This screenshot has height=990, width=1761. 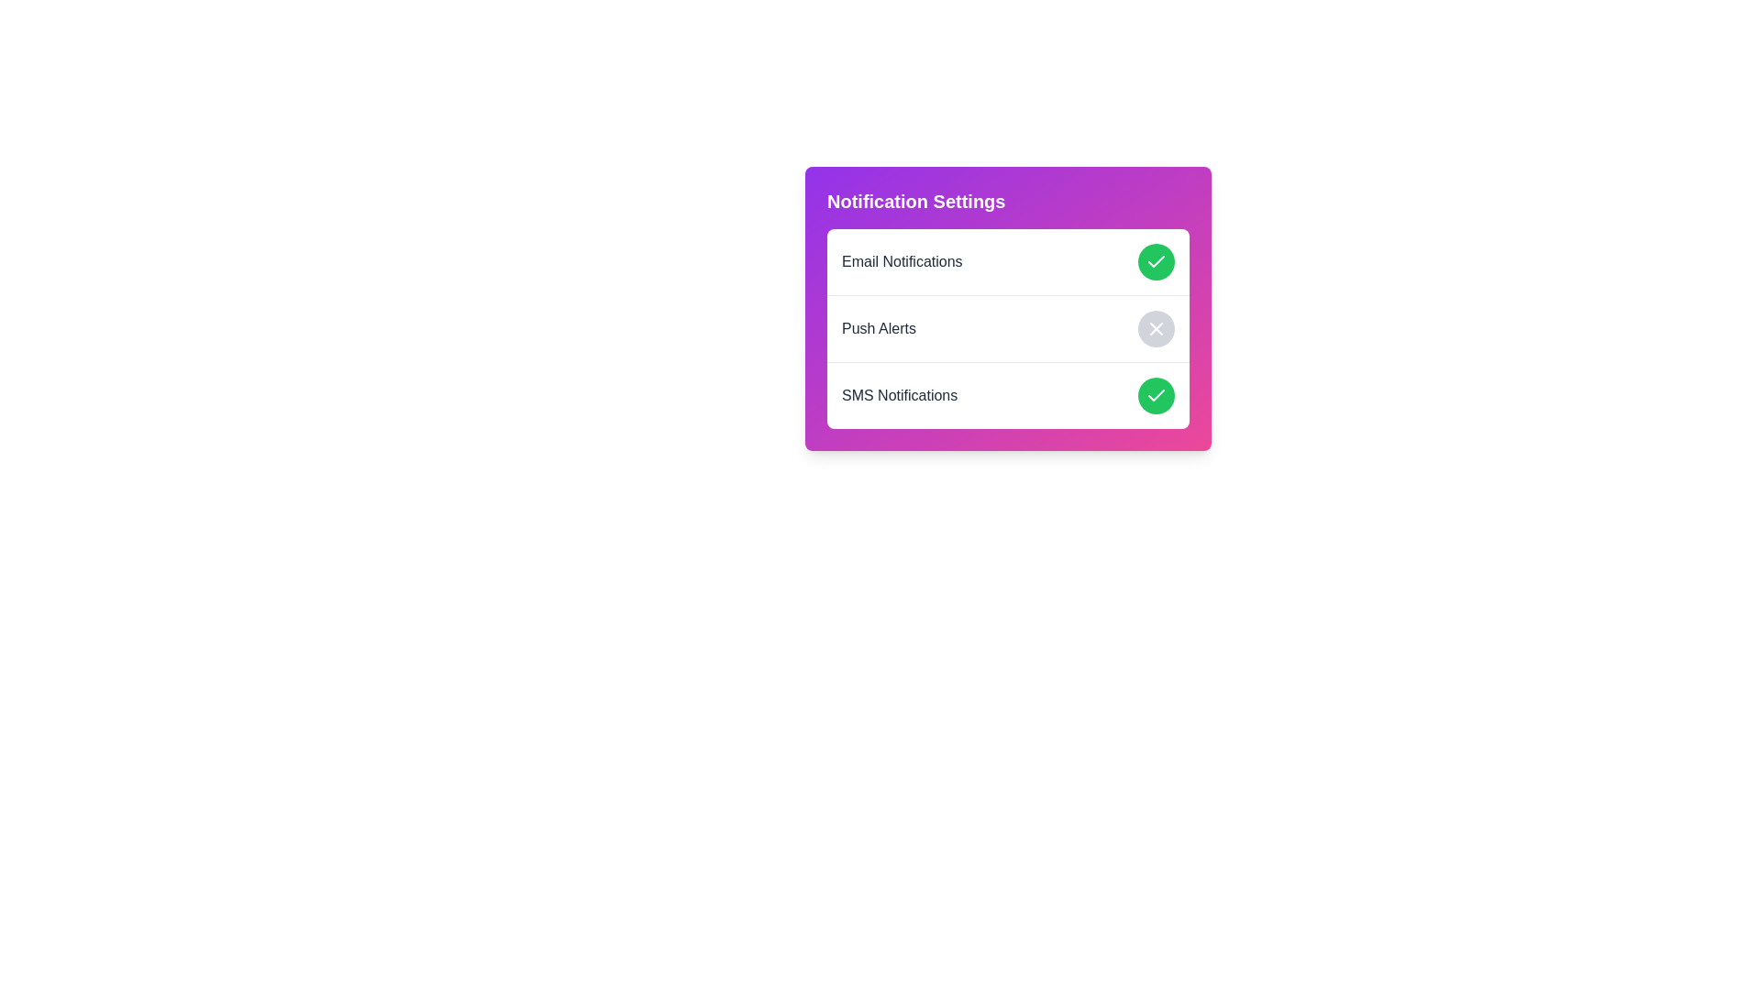 I want to click on the button to the right of 'Push Alerts' in the notification settings panel, so click(x=1156, y=327).